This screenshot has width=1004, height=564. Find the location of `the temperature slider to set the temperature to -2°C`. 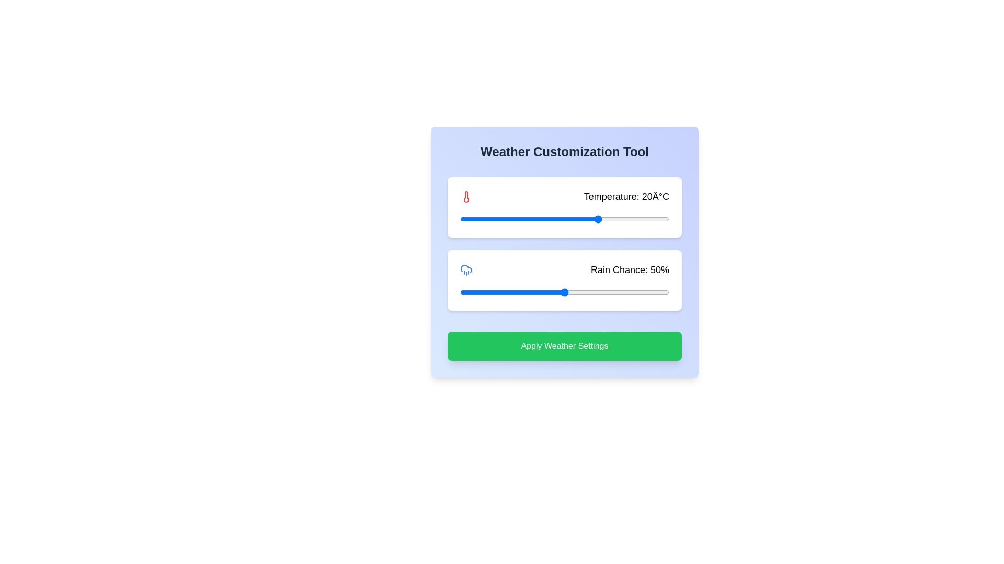

the temperature slider to set the temperature to -2°C is located at coordinates (522, 219).